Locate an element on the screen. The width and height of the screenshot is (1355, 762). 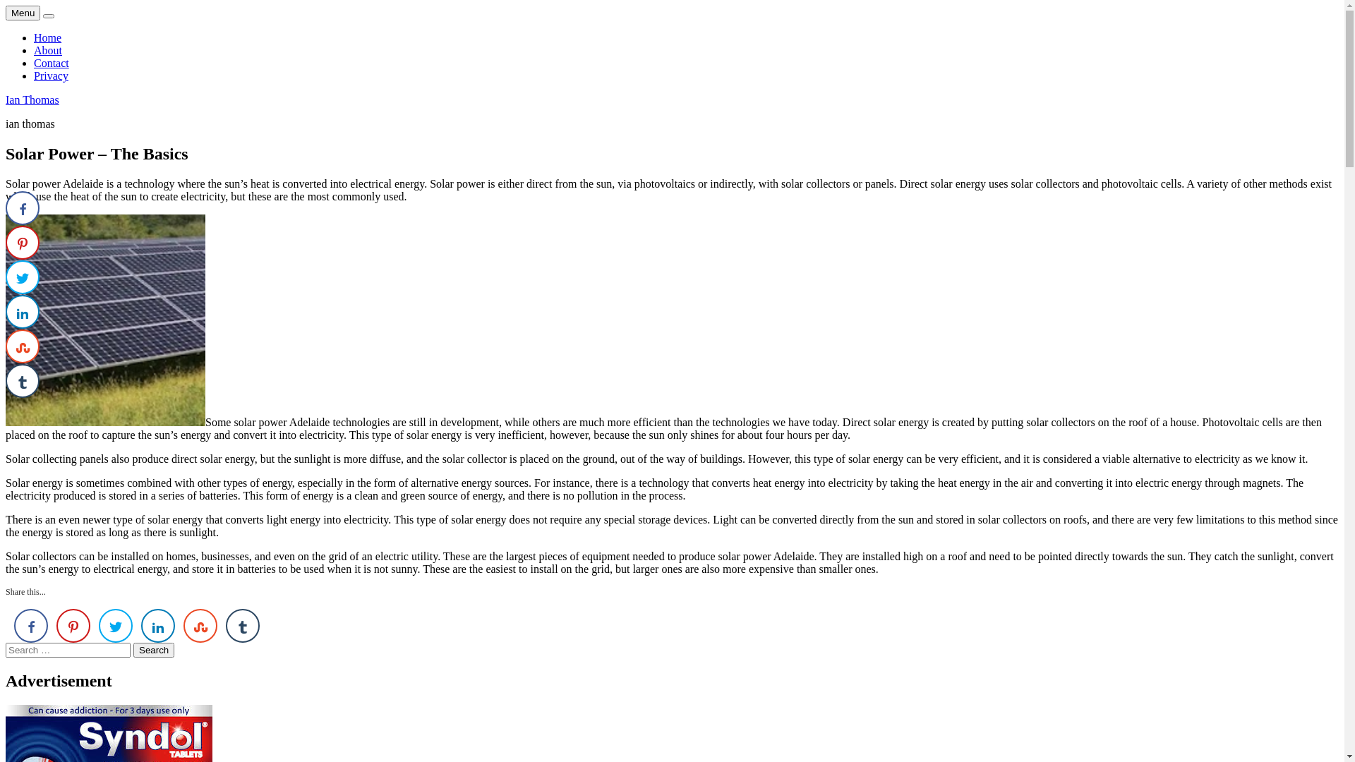
'About' is located at coordinates (47, 49).